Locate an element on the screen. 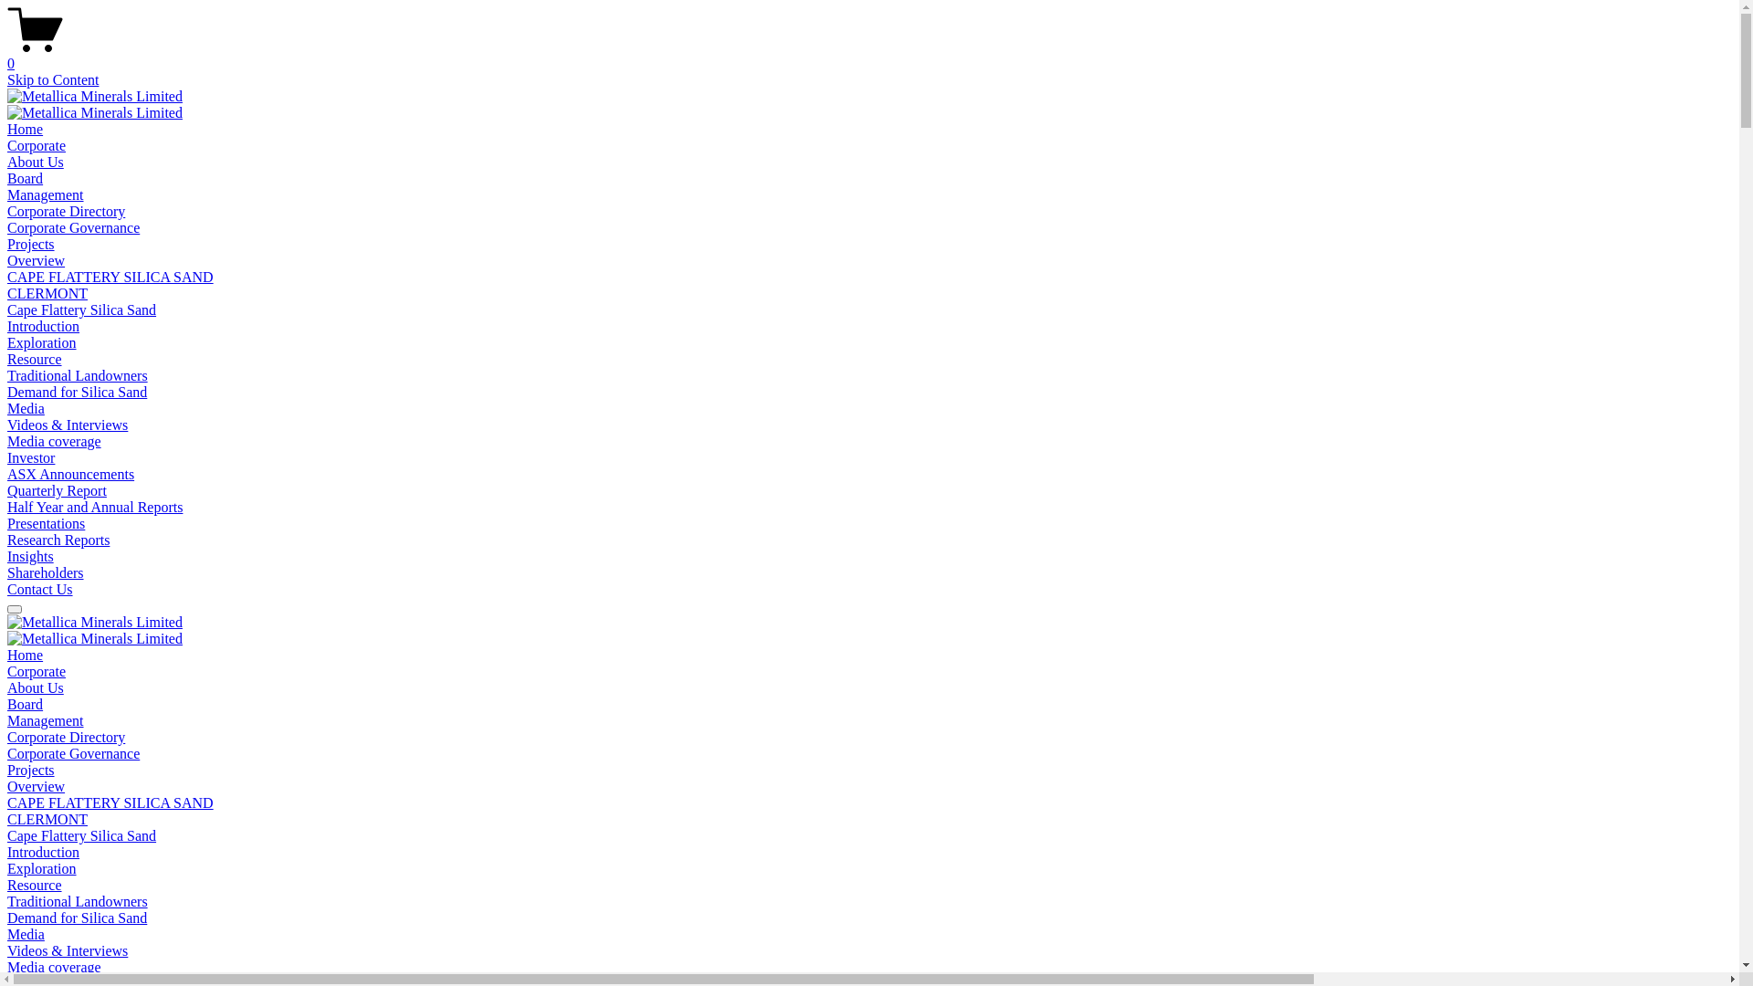  'Shareholders' is located at coordinates (7, 572).